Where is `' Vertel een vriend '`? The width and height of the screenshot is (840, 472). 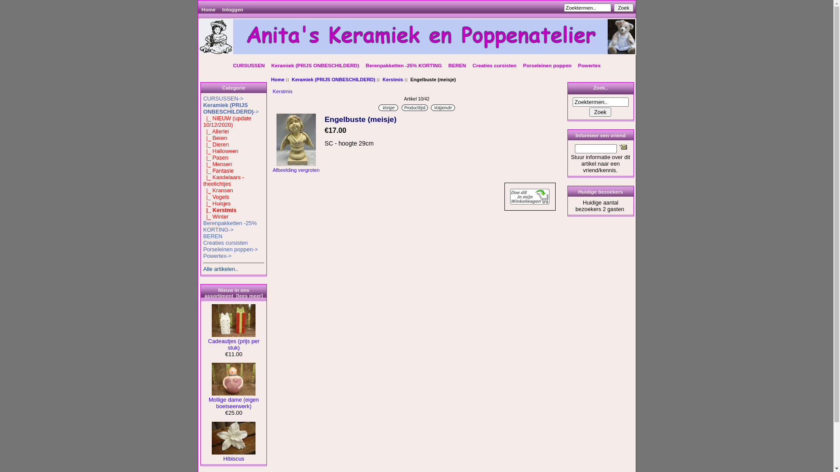
' Vertel een vriend ' is located at coordinates (619, 146).